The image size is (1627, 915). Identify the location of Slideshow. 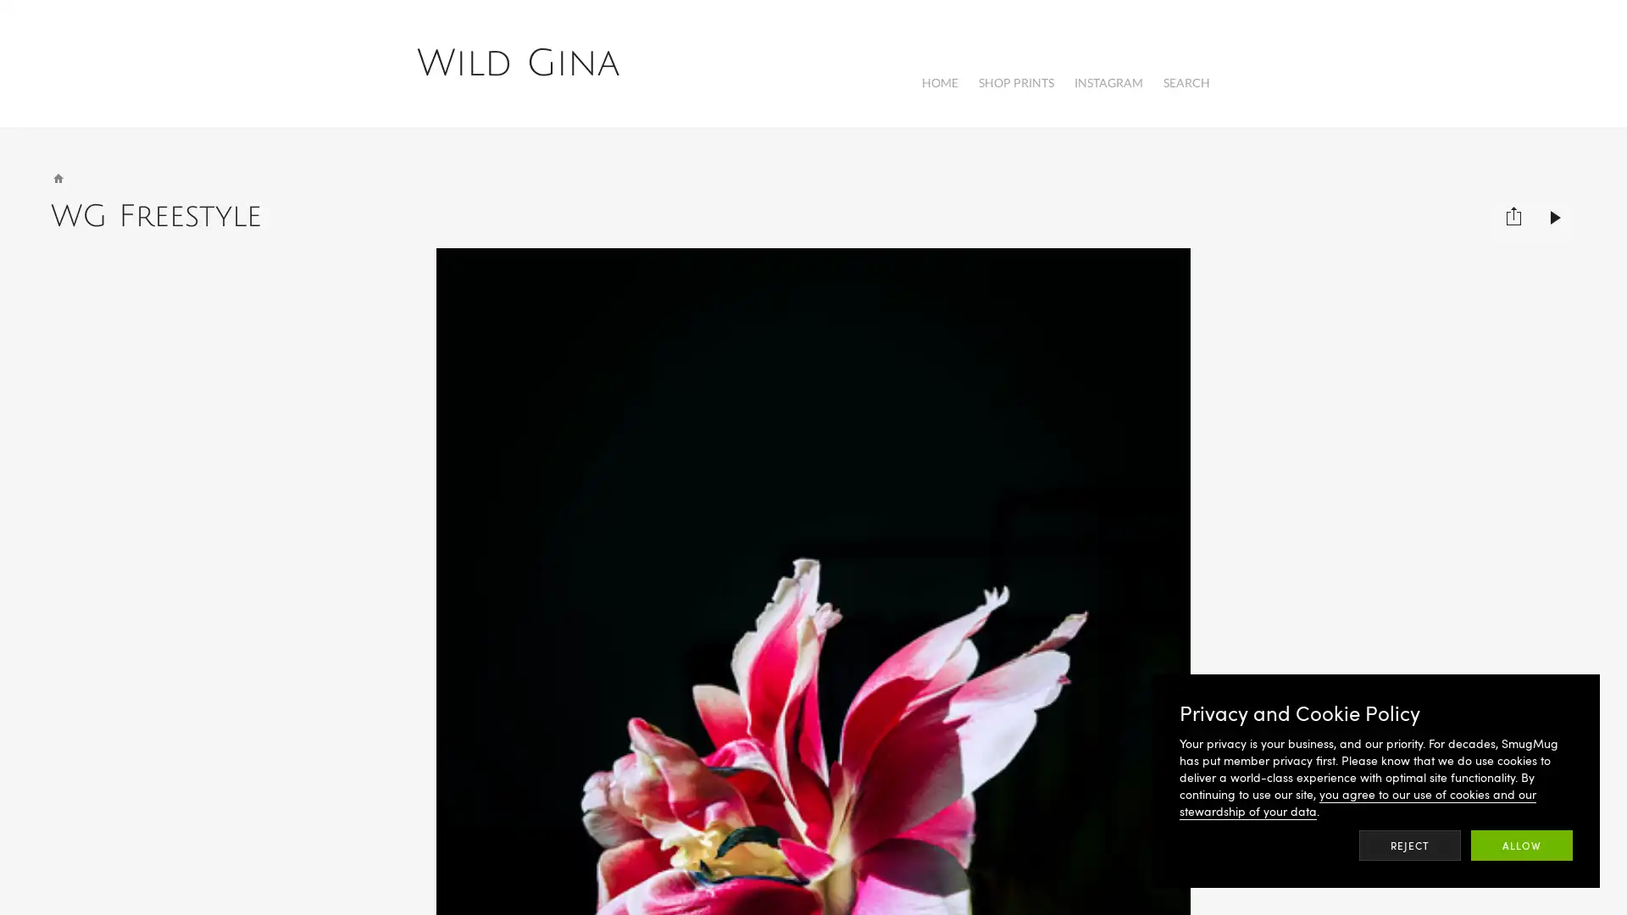
(1556, 207).